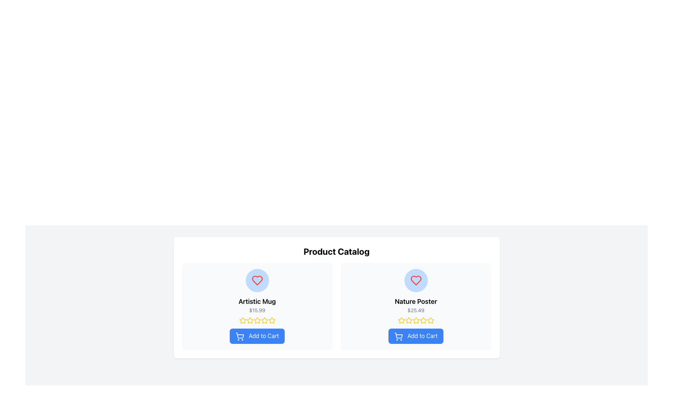 The image size is (699, 393). I want to click on the Text Label displaying the product name 'Artistic Mug', which is located centrally within the left card of the product catalog section, below the heart icon and above the price information '$15.99', so click(257, 302).